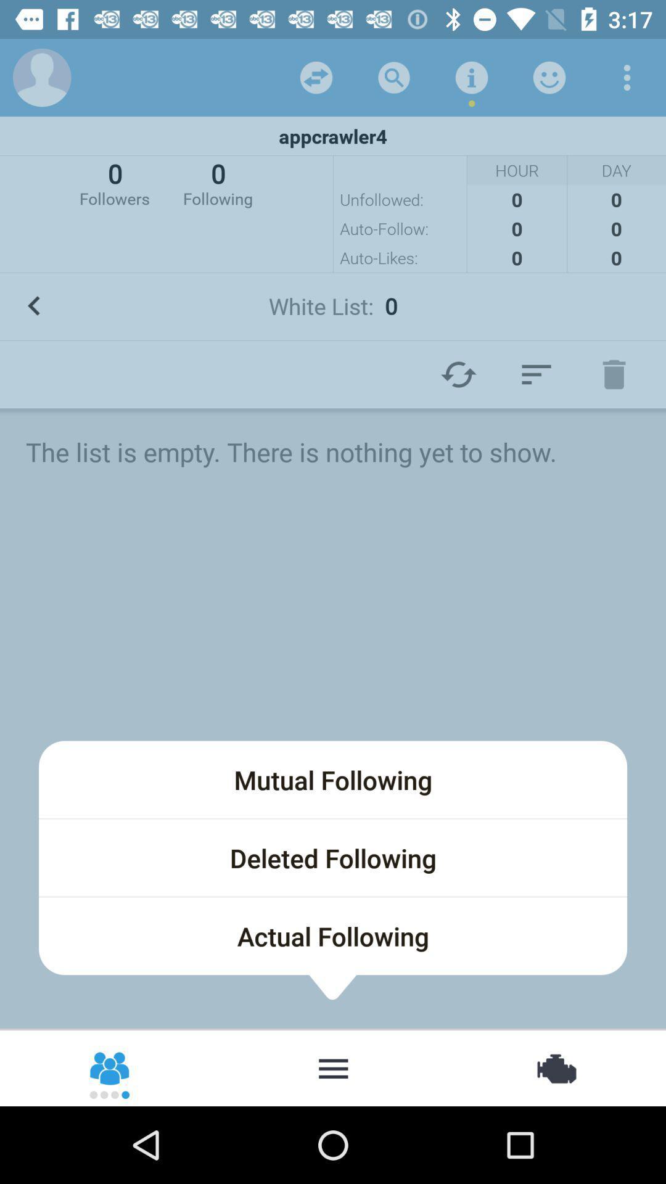  What do you see at coordinates (217, 182) in the screenshot?
I see `0` at bounding box center [217, 182].